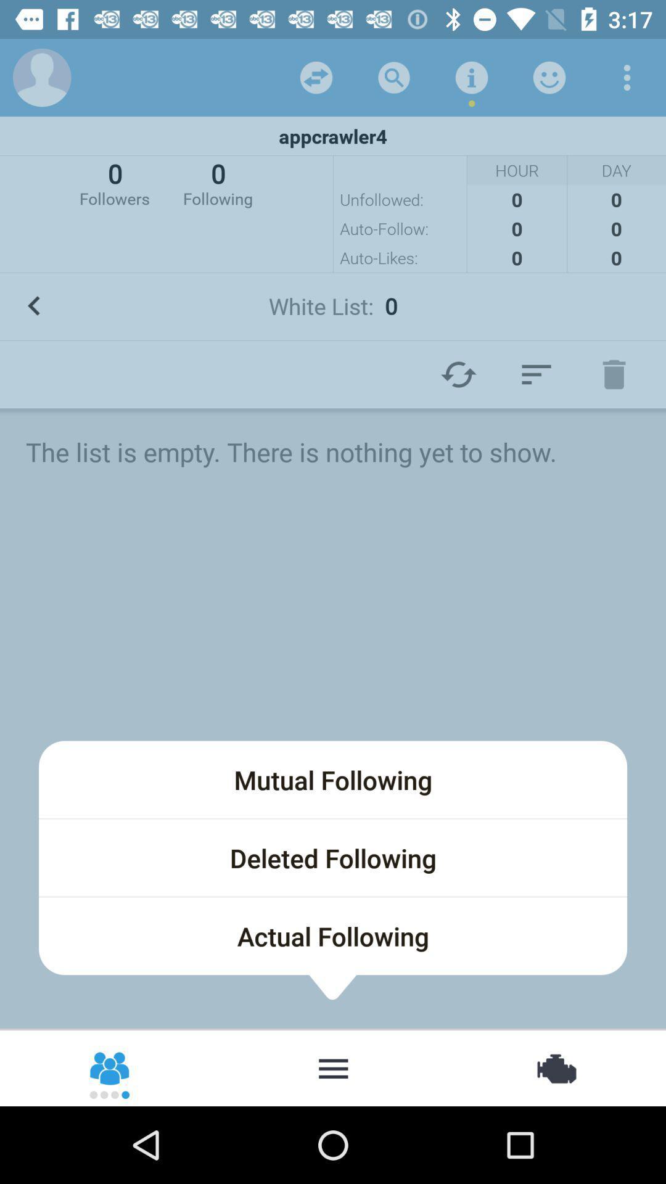  What do you see at coordinates (217, 182) in the screenshot?
I see `0` at bounding box center [217, 182].